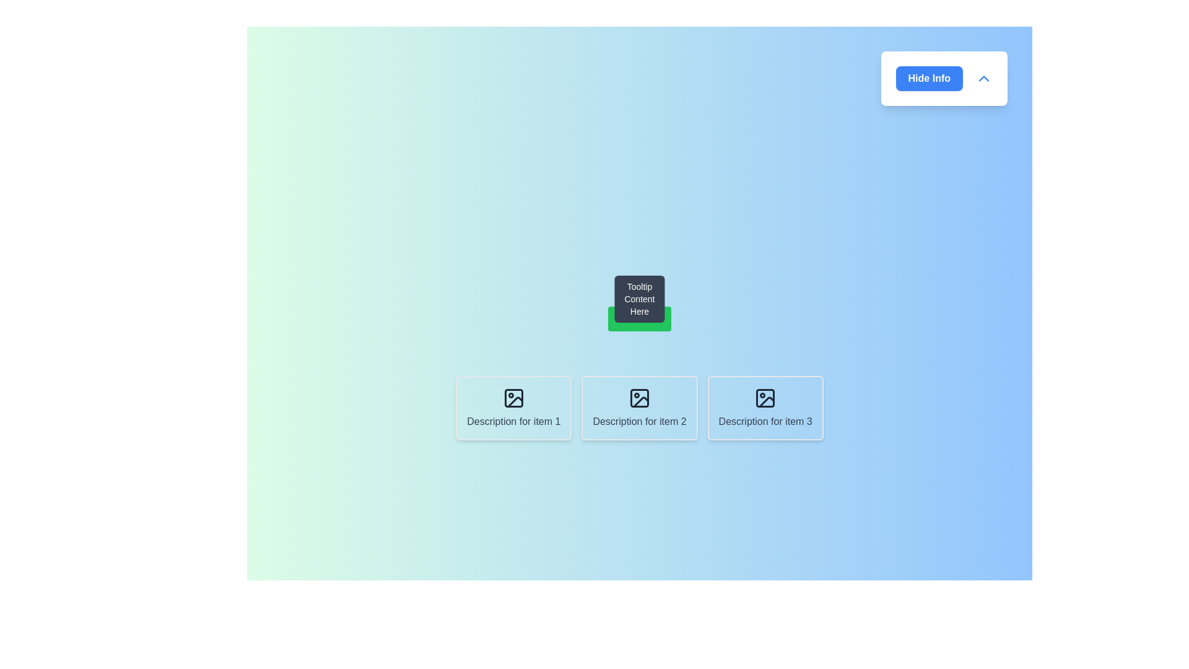 This screenshot has height=669, width=1189. What do you see at coordinates (765, 421) in the screenshot?
I see `text content of the descriptive label located at the far right of the row, below the associated icon image` at bounding box center [765, 421].